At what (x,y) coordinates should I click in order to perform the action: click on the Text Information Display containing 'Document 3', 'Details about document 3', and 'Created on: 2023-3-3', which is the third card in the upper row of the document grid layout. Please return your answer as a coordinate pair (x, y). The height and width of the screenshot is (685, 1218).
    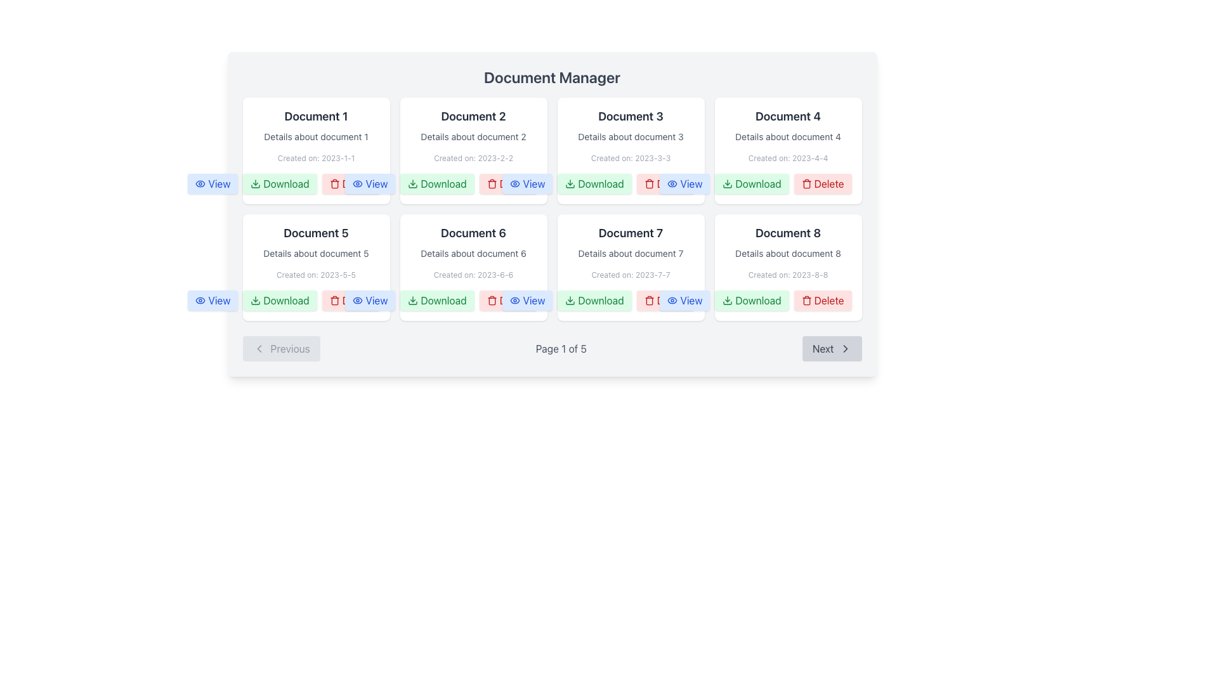
    Looking at the image, I should click on (631, 135).